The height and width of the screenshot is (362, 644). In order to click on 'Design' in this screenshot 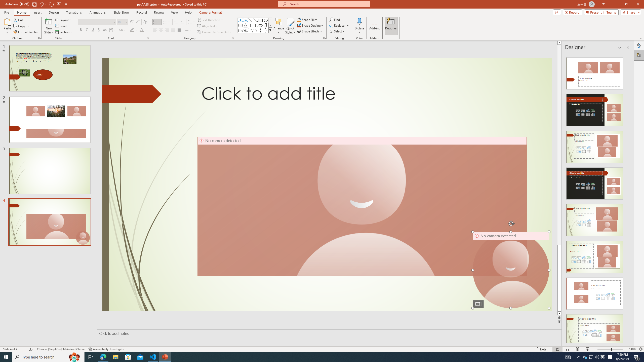, I will do `click(54, 12)`.